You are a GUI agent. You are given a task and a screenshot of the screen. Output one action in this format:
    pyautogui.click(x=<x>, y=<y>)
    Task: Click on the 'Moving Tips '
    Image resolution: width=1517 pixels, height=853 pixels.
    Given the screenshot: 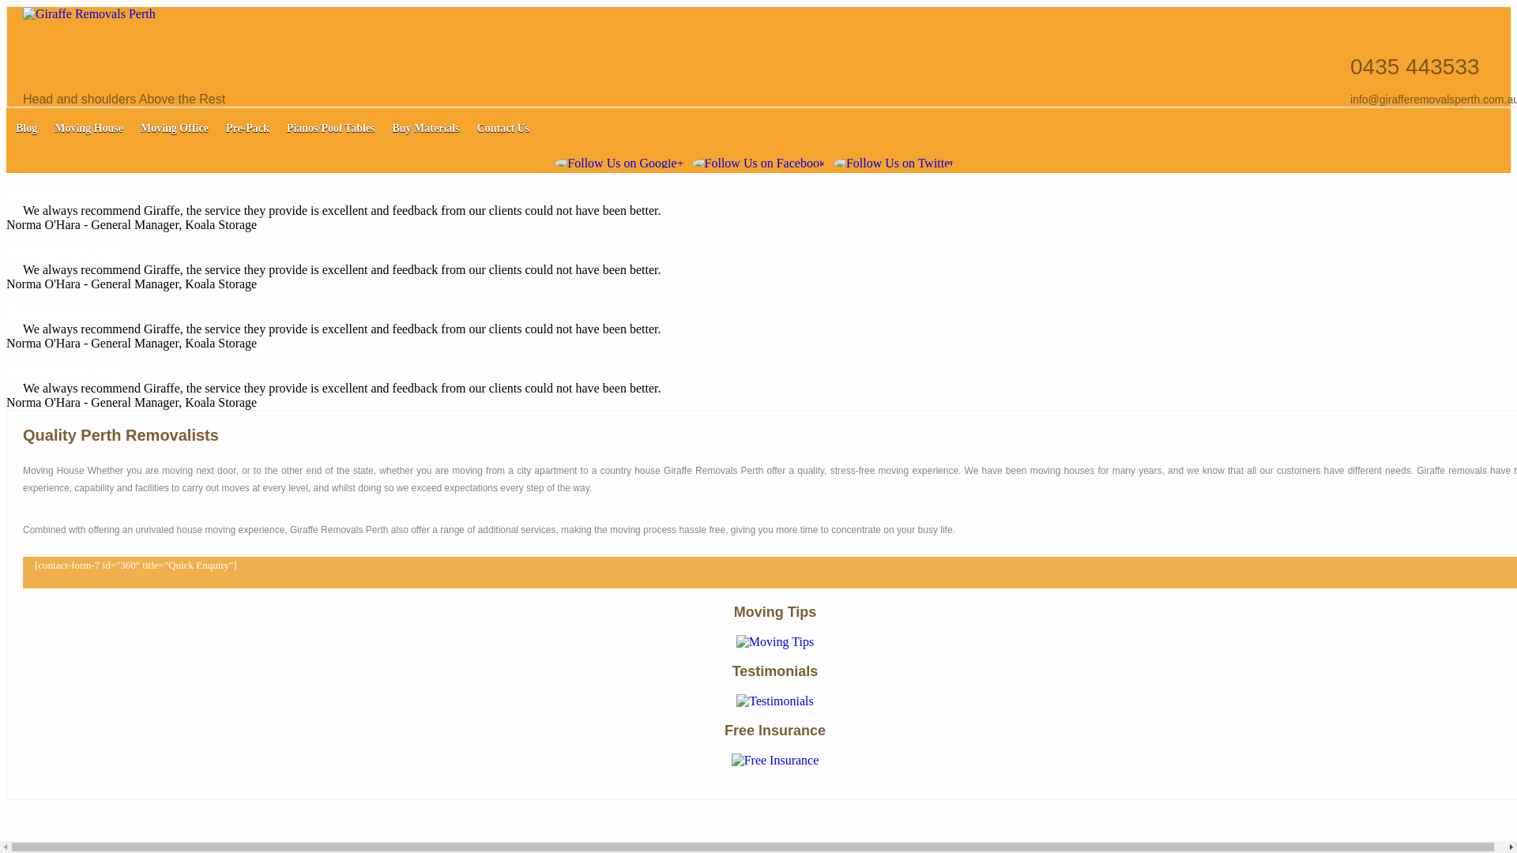 What is the action you would take?
    pyautogui.click(x=774, y=641)
    